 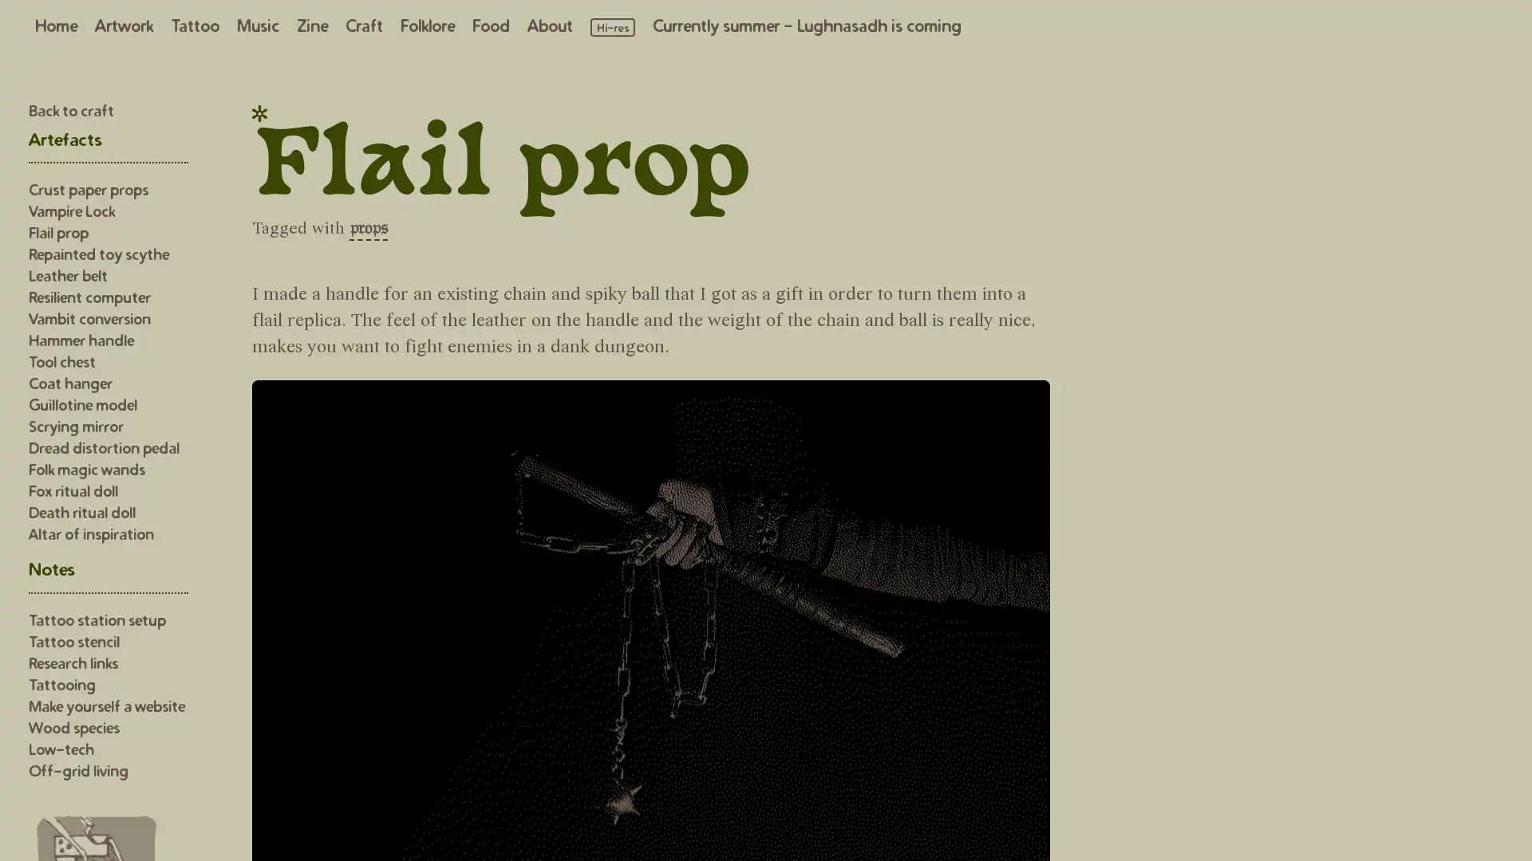 What do you see at coordinates (612, 27) in the screenshot?
I see `Load high resolution images` at bounding box center [612, 27].